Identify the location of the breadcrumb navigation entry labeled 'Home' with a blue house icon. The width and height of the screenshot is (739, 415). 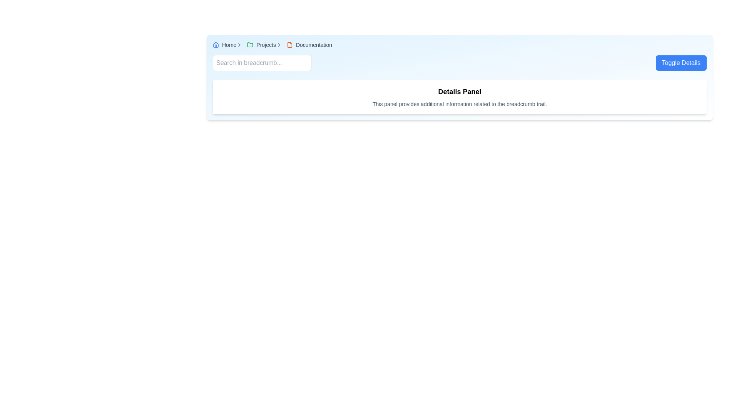
(227, 45).